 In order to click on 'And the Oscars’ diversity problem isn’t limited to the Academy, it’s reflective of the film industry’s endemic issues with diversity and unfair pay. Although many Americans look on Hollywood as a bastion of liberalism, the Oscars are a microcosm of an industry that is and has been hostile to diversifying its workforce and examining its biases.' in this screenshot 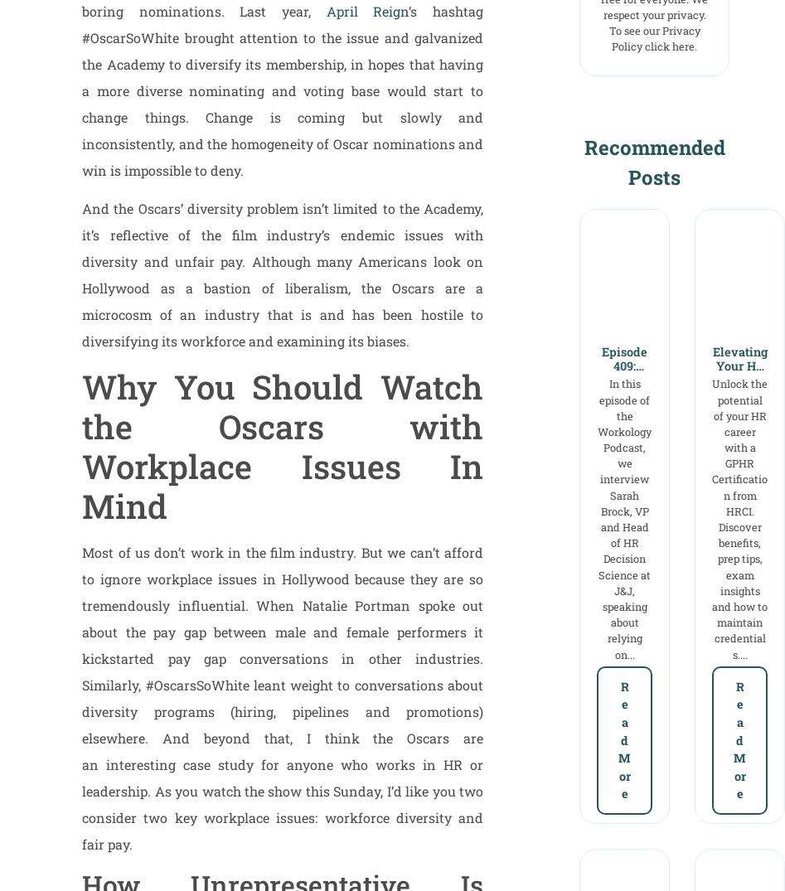, I will do `click(282, 274)`.